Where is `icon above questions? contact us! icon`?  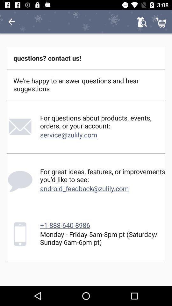 icon above questions? contact us! icon is located at coordinates (142, 22).